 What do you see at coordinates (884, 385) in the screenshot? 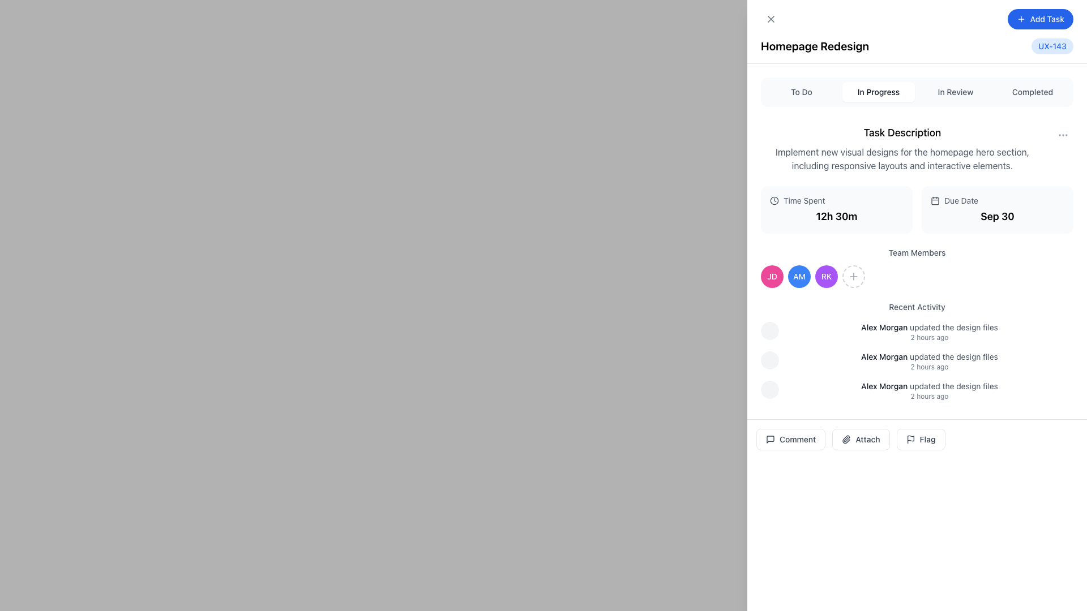
I see `the text label displaying 'Alex Morgan' in bold gray, located in the 'Recent Activity' section, as part of the entry stating 'Alex Morgan updated the design files'` at bounding box center [884, 385].